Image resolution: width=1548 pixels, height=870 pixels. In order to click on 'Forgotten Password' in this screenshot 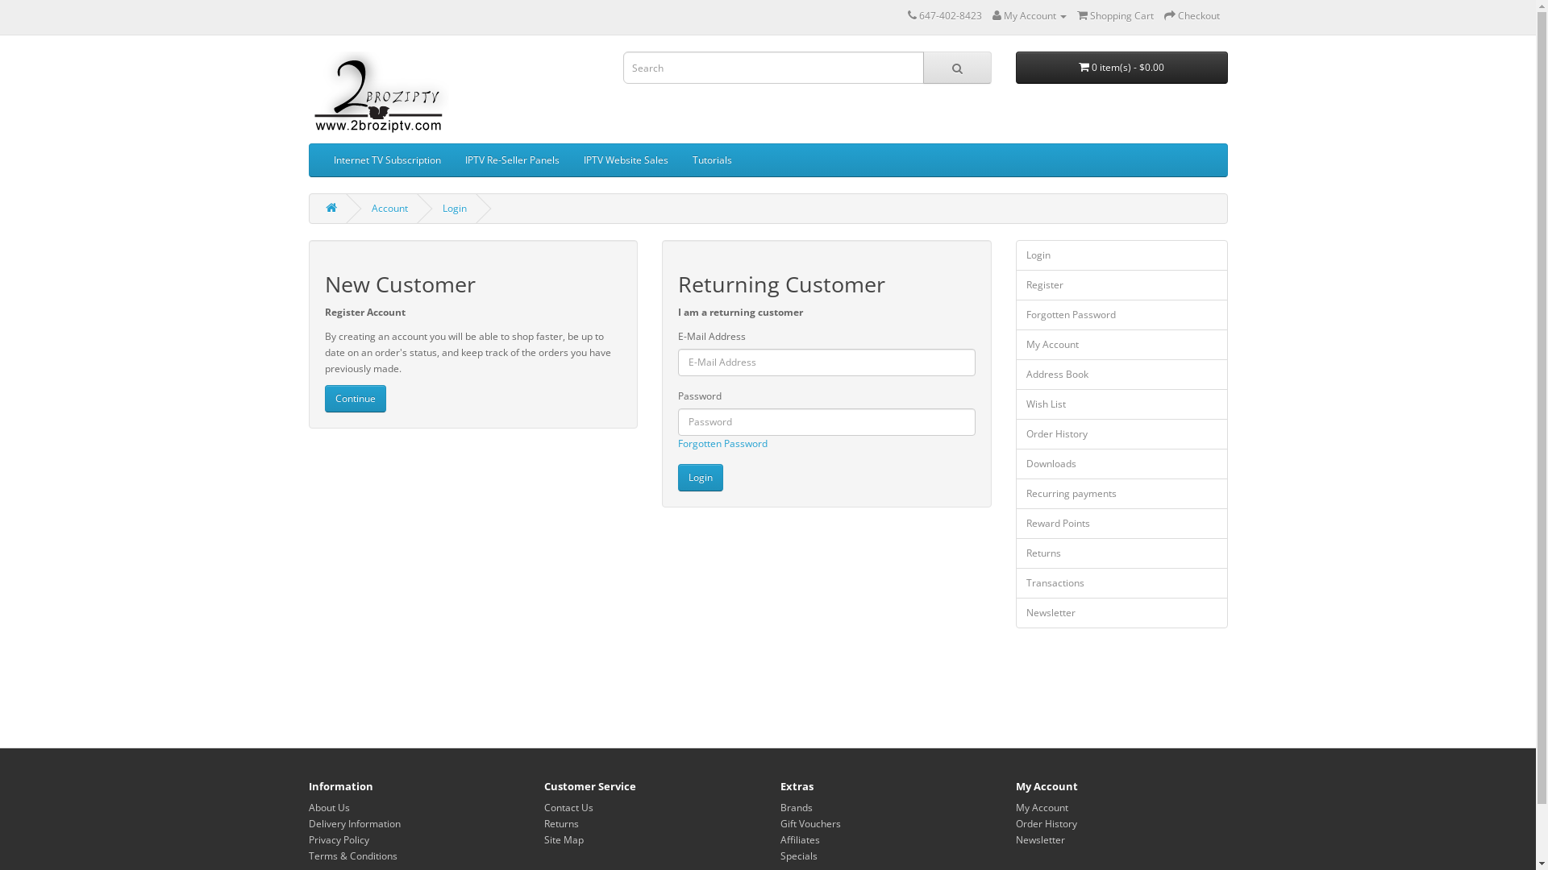, I will do `click(677, 443)`.